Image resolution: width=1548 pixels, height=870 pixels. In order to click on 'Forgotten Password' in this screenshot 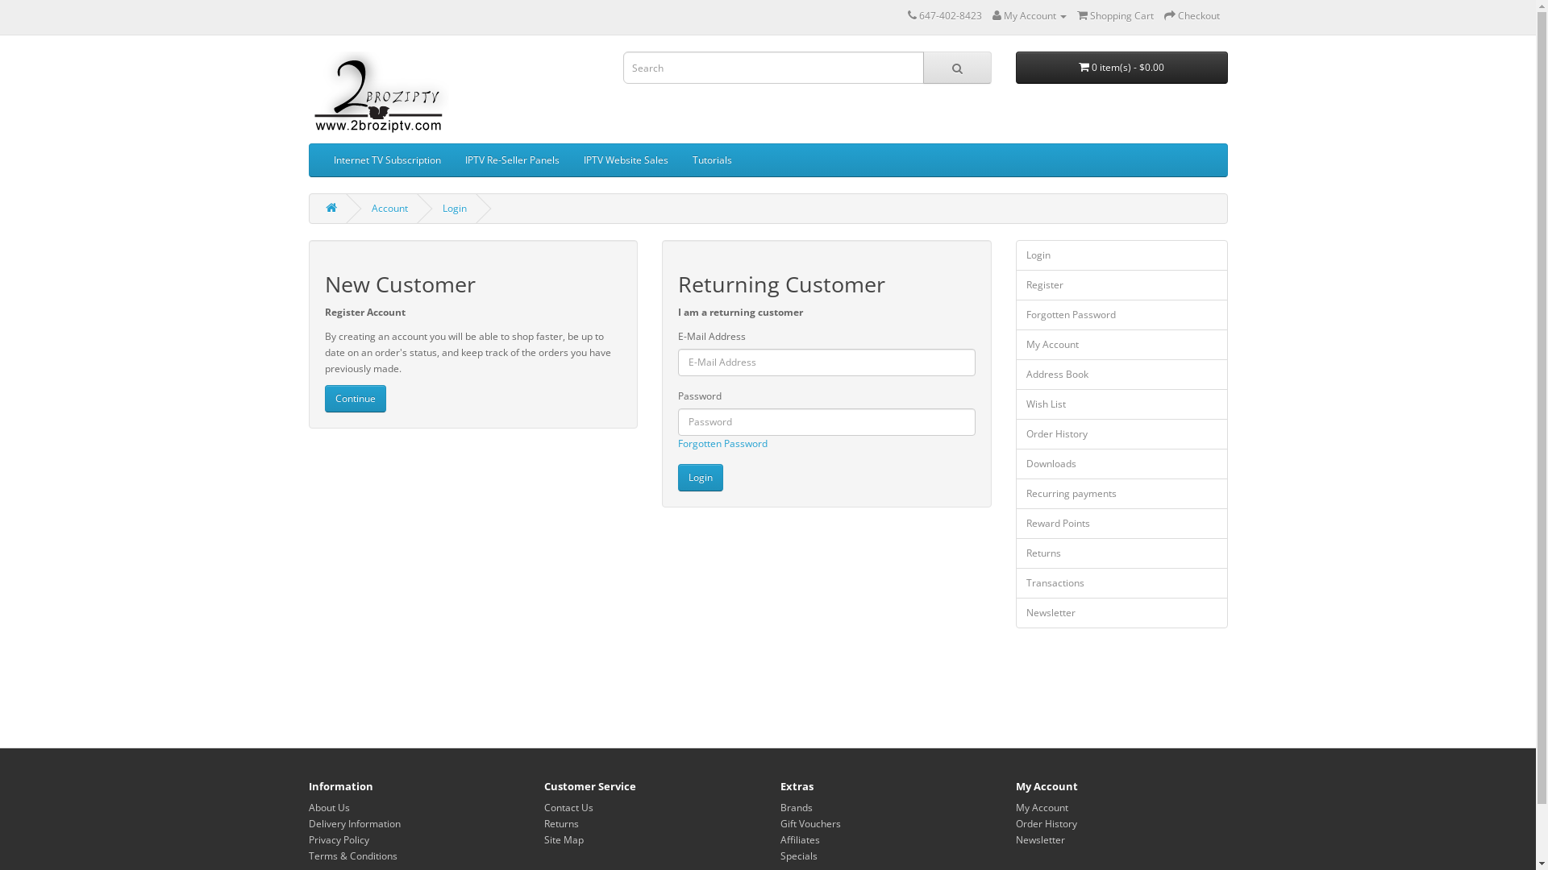, I will do `click(677, 443)`.